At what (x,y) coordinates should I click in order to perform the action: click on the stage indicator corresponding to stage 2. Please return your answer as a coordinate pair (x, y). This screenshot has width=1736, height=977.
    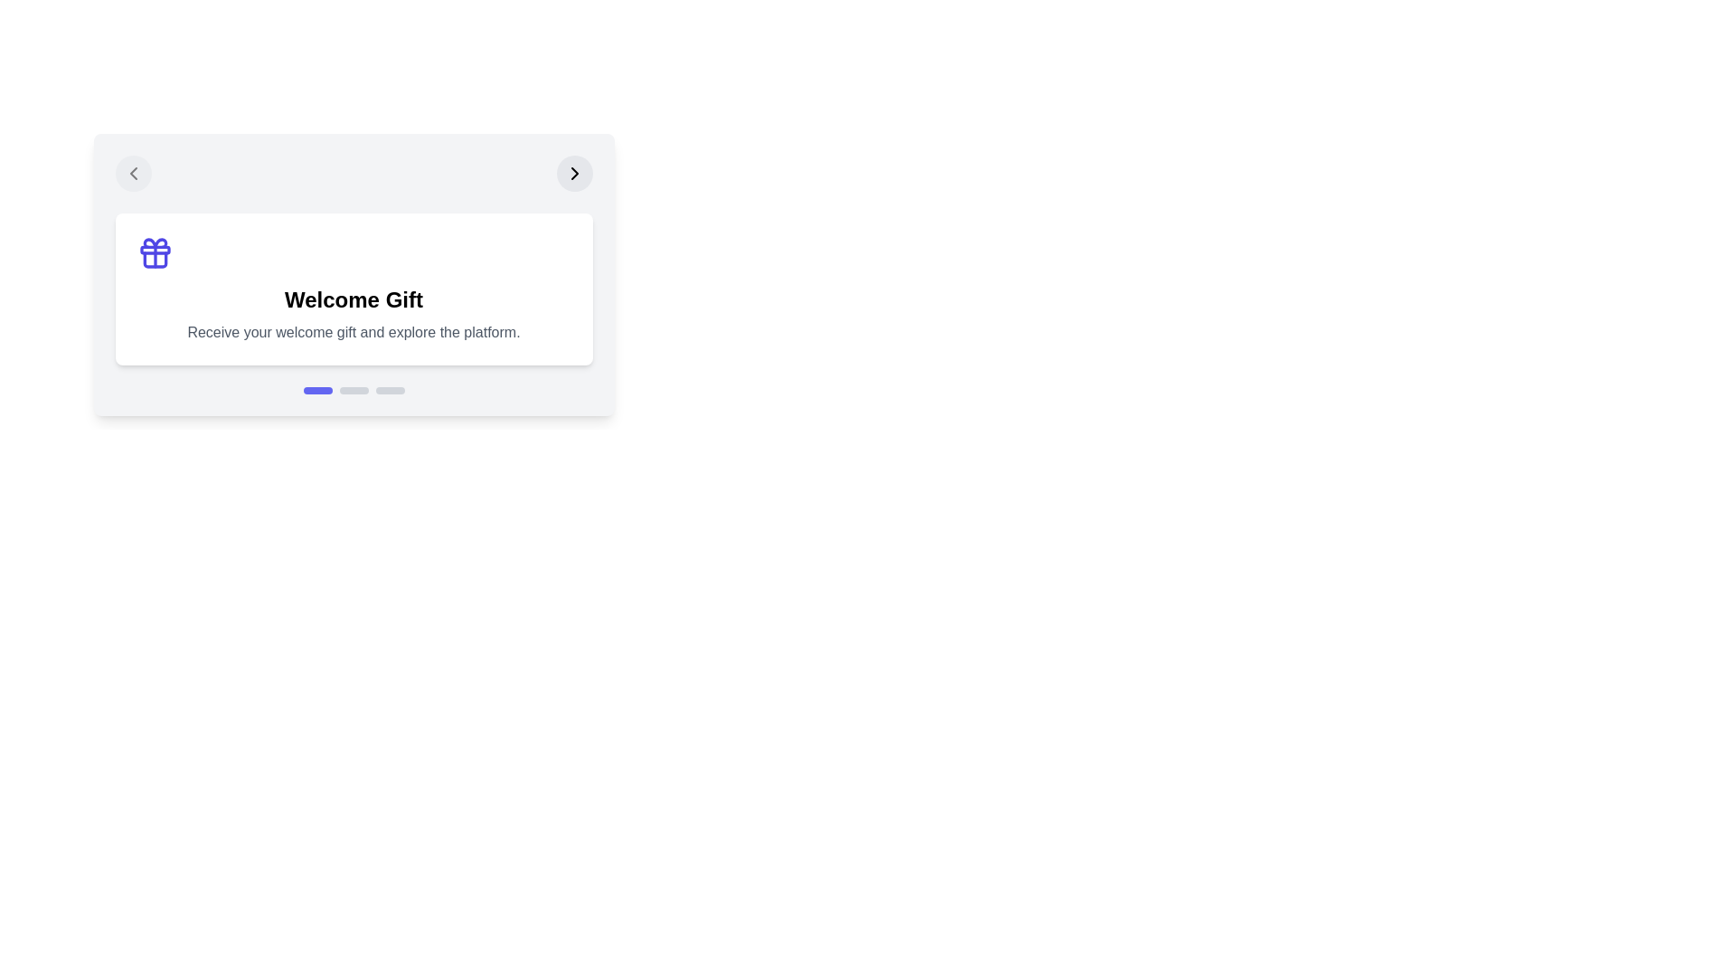
    Looking at the image, I should click on (354, 390).